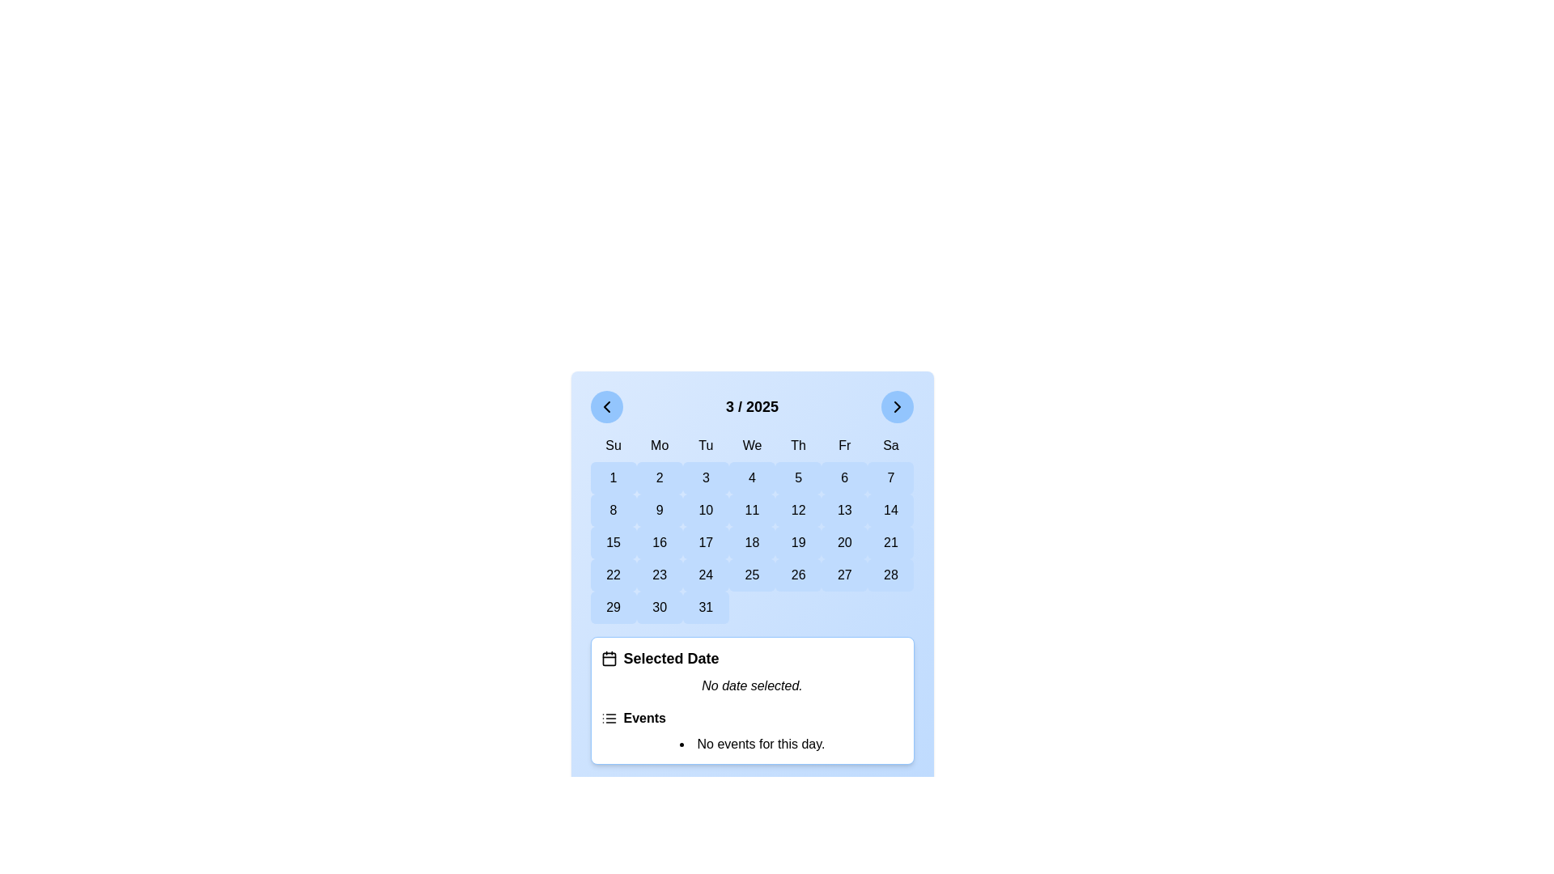 This screenshot has width=1554, height=874. What do you see at coordinates (706, 574) in the screenshot?
I see `the selectable calendar date button representing the 24th of March 2025 to observe the hover effect` at bounding box center [706, 574].